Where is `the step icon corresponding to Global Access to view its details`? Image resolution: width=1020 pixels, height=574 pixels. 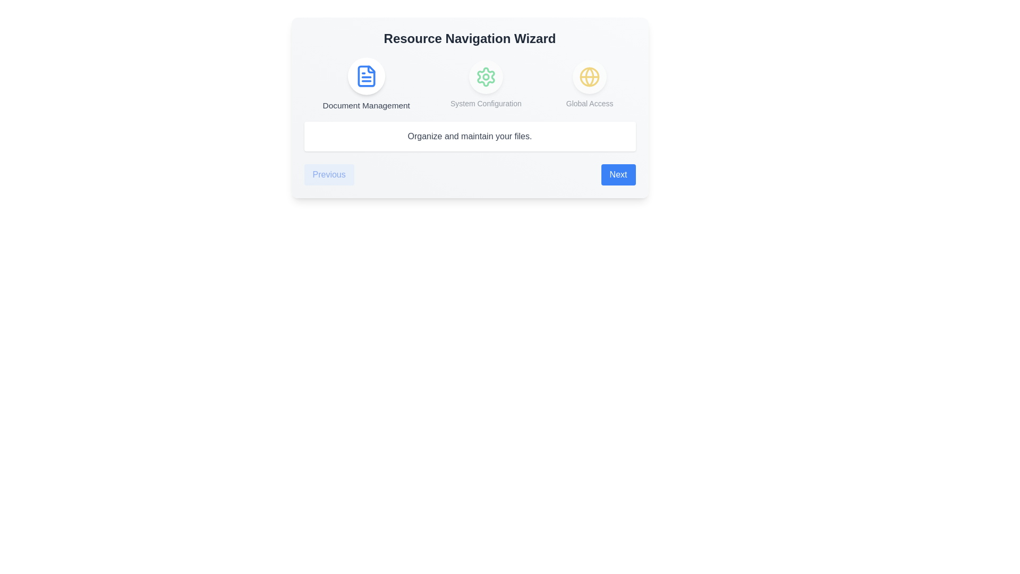 the step icon corresponding to Global Access to view its details is located at coordinates (589, 77).